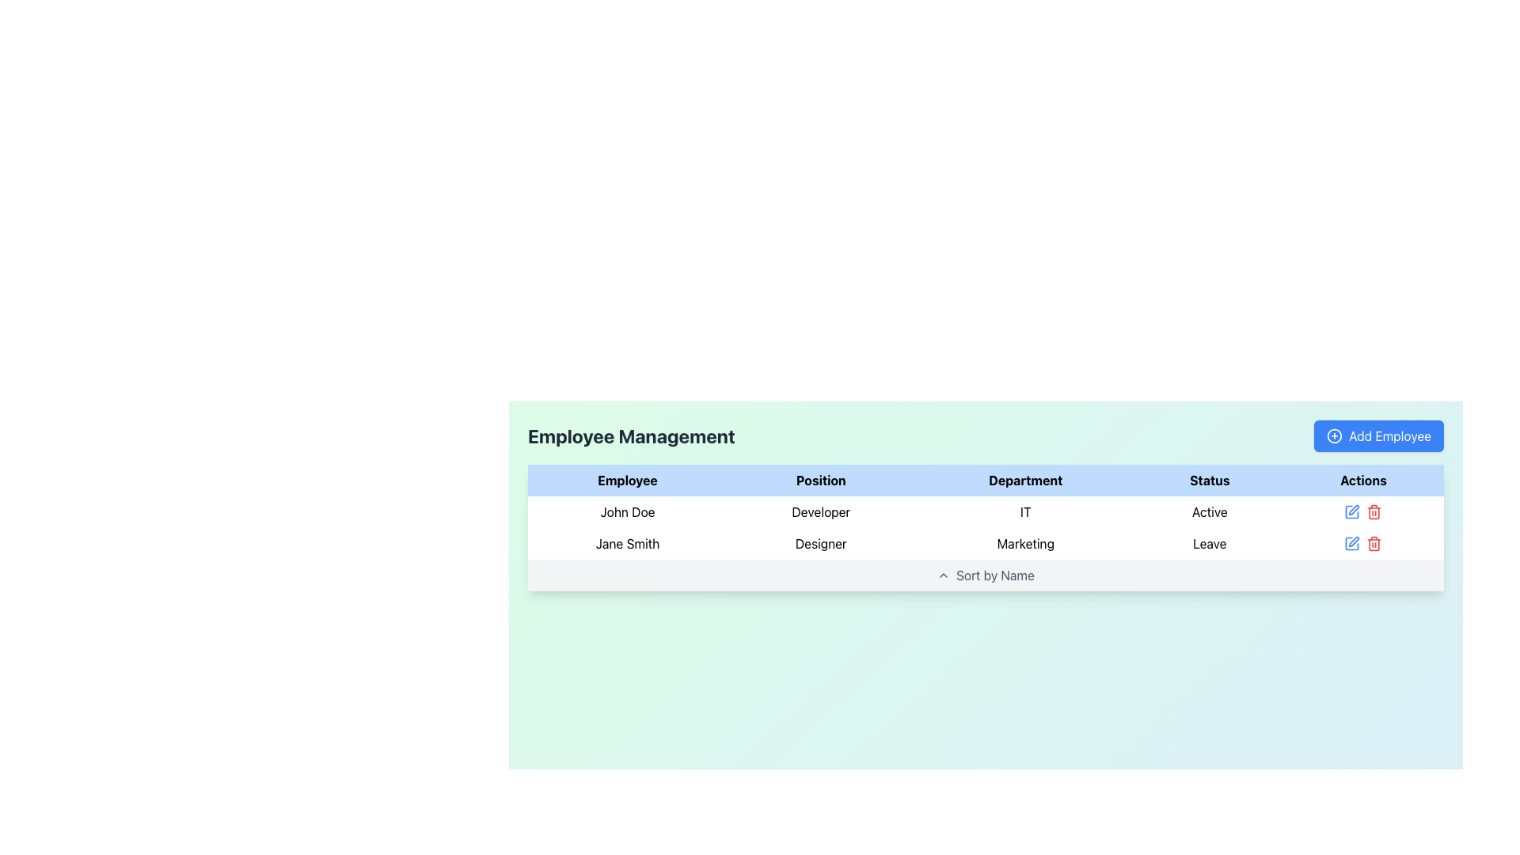  I want to click on the 'Active' text element in the 'Status' column for the employee 'John Doe' within the table, so click(1209, 512).